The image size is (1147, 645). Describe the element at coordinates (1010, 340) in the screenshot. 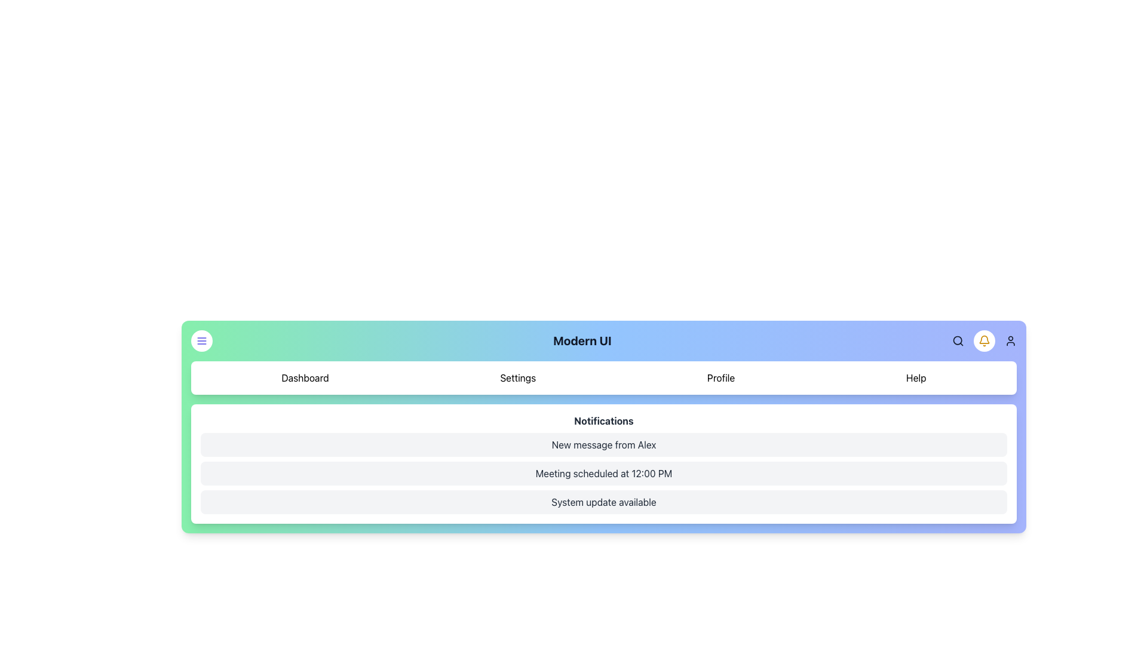

I see `the Profile Icon located at the top-right corner of the navigation bar` at that location.